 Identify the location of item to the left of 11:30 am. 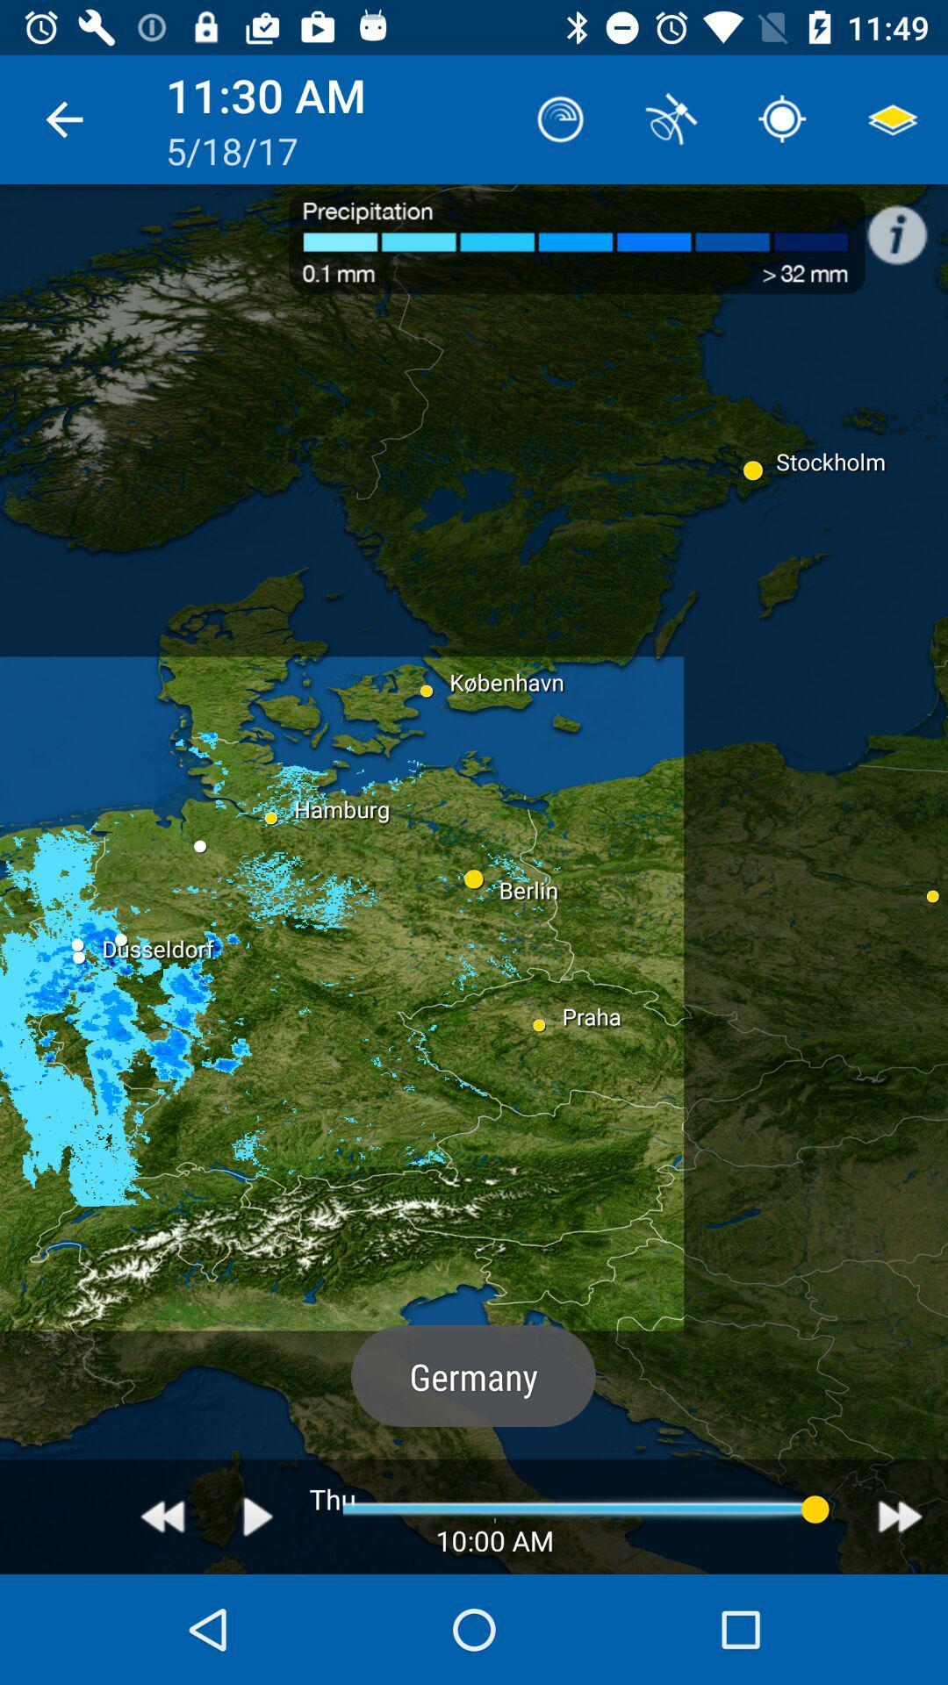
(63, 118).